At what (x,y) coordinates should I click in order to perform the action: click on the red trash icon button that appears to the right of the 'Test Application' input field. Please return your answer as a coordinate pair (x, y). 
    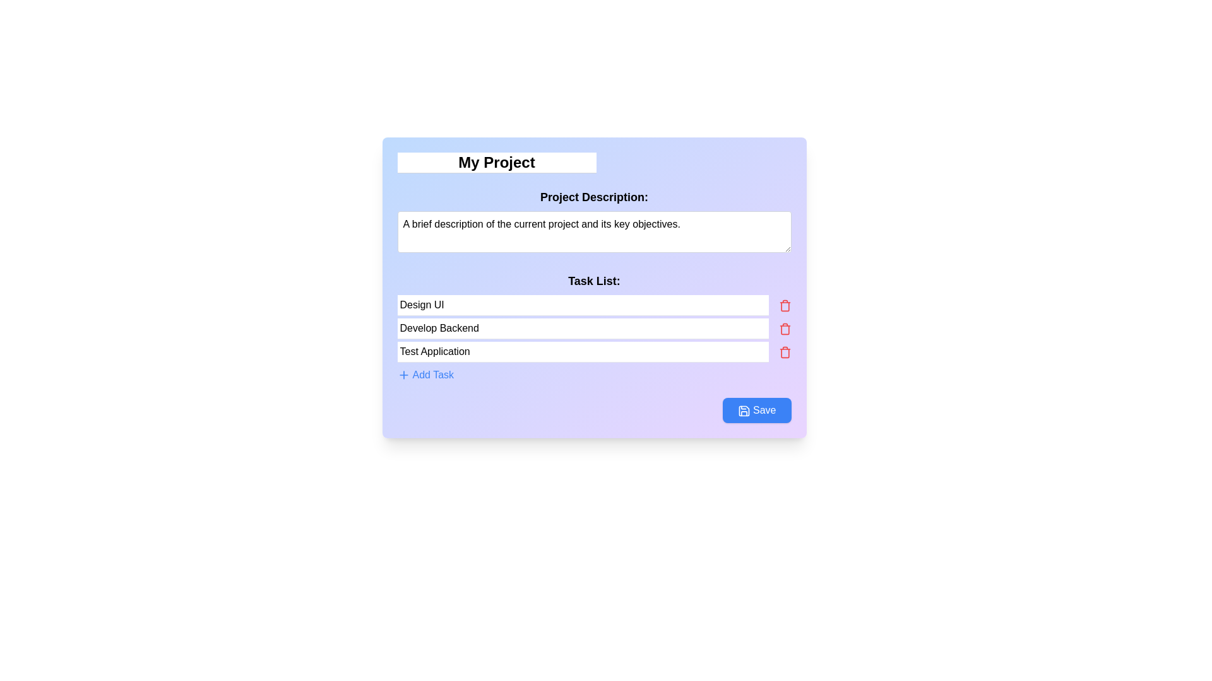
    Looking at the image, I should click on (784, 352).